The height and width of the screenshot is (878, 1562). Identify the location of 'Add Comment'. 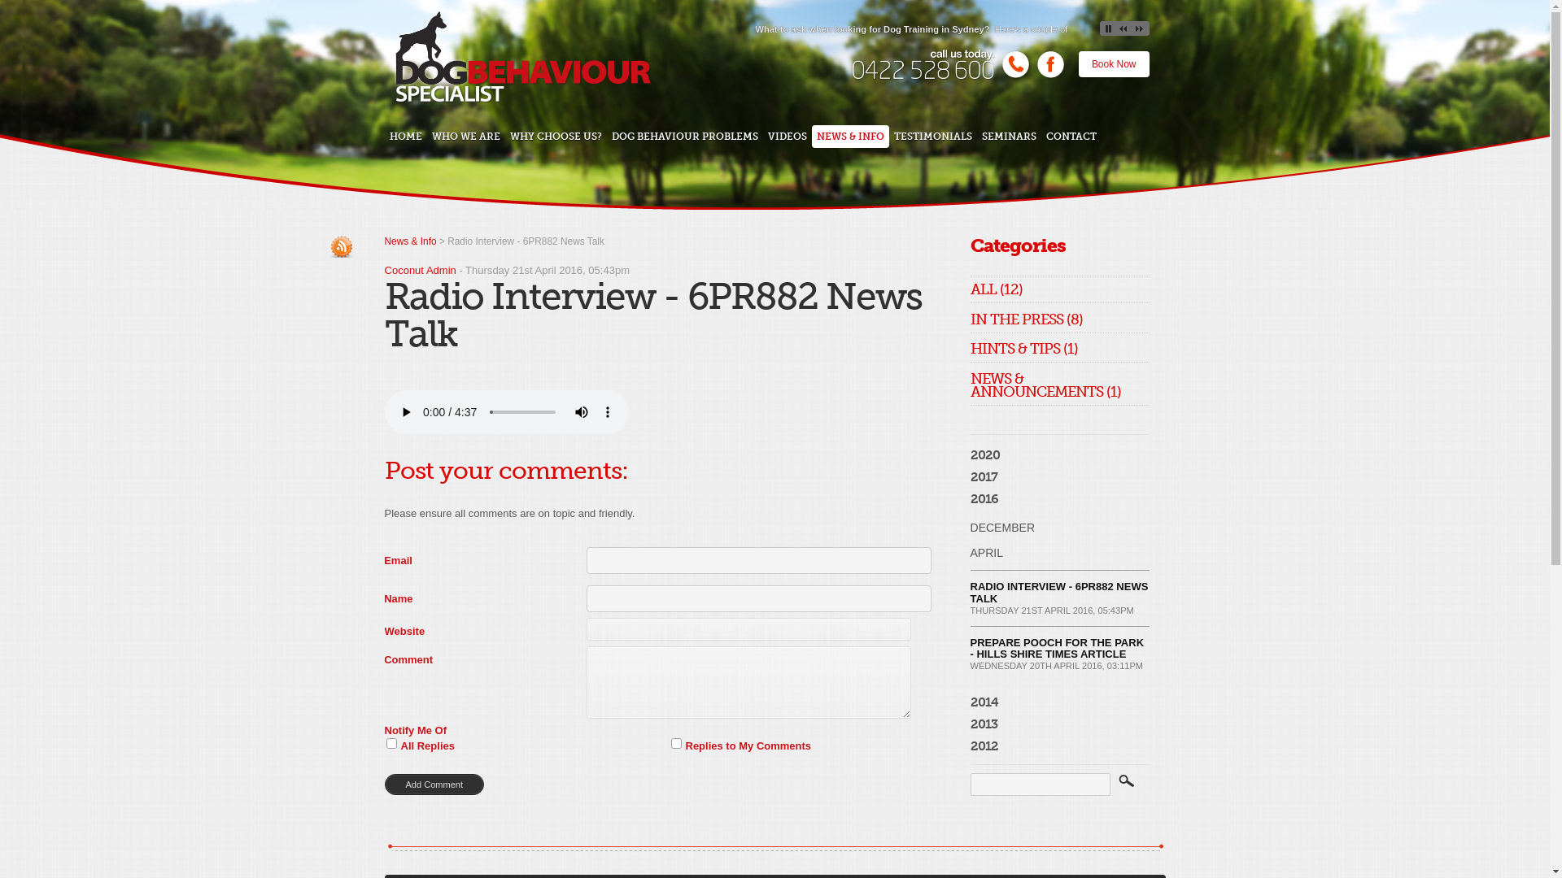
(382, 783).